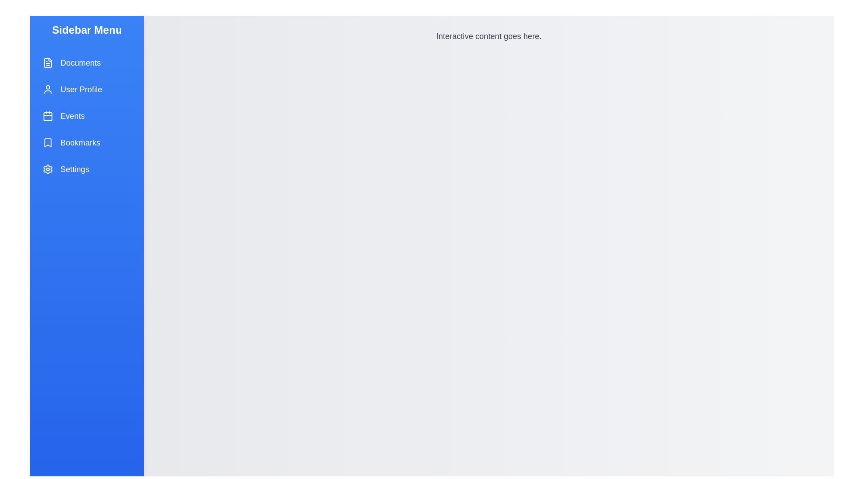 The height and width of the screenshot is (479, 853). What do you see at coordinates (48, 63) in the screenshot?
I see `the icon representing Documents` at bounding box center [48, 63].